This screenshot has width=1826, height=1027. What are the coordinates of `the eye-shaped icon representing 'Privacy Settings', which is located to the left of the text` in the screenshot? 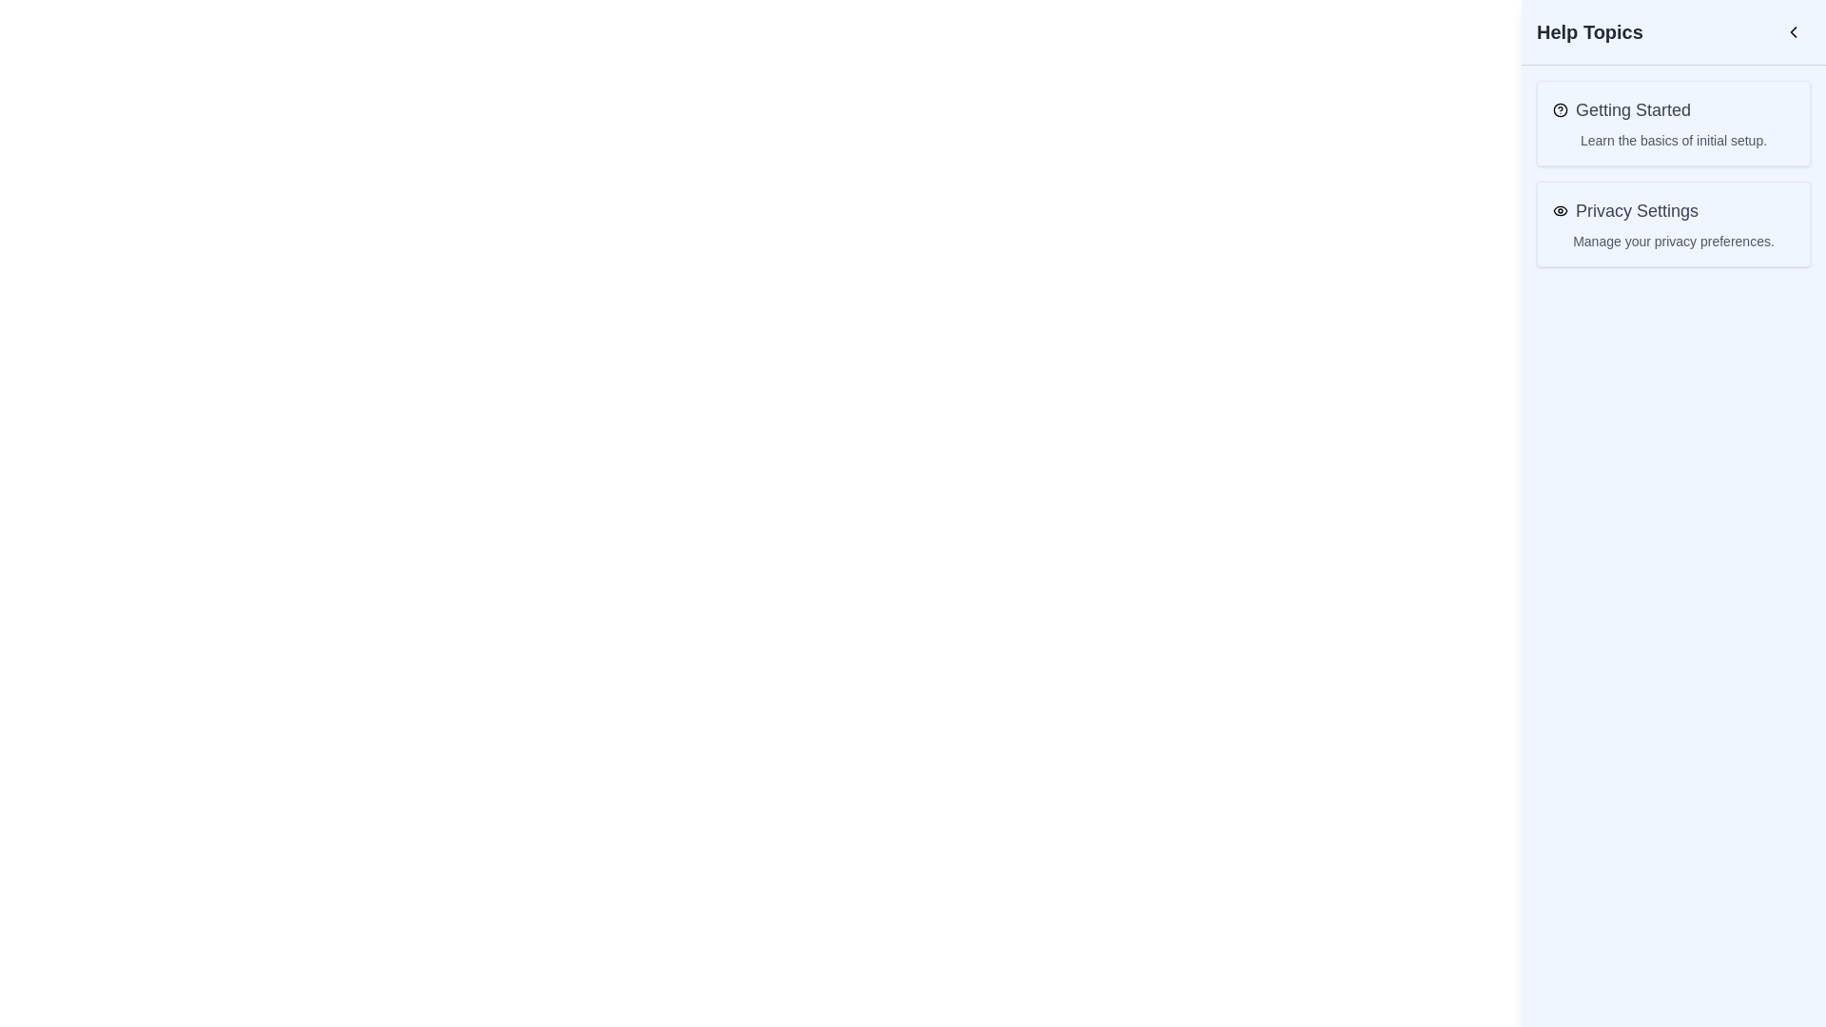 It's located at (1561, 211).